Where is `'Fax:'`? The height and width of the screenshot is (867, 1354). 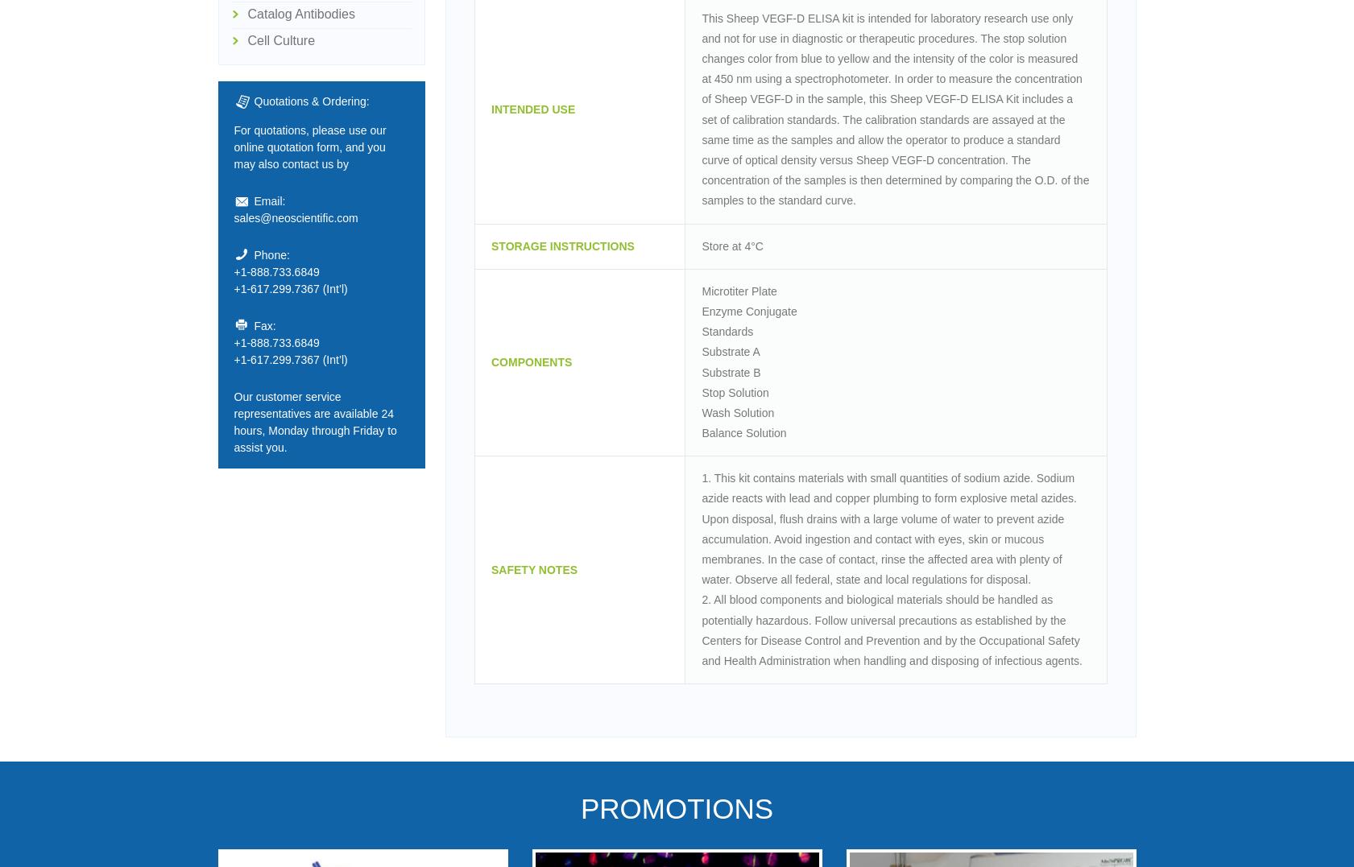 'Fax:' is located at coordinates (253, 324).